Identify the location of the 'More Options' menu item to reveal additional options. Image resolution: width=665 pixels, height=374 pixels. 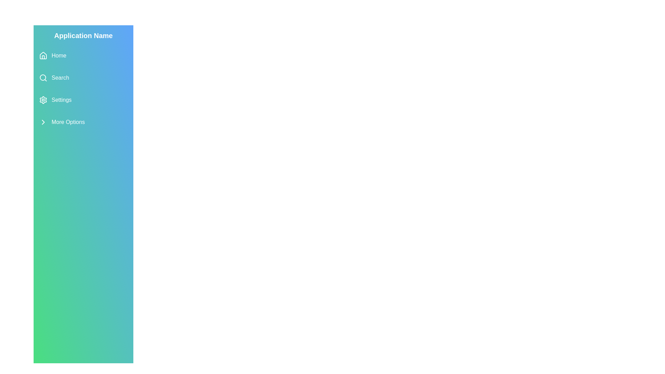
(83, 122).